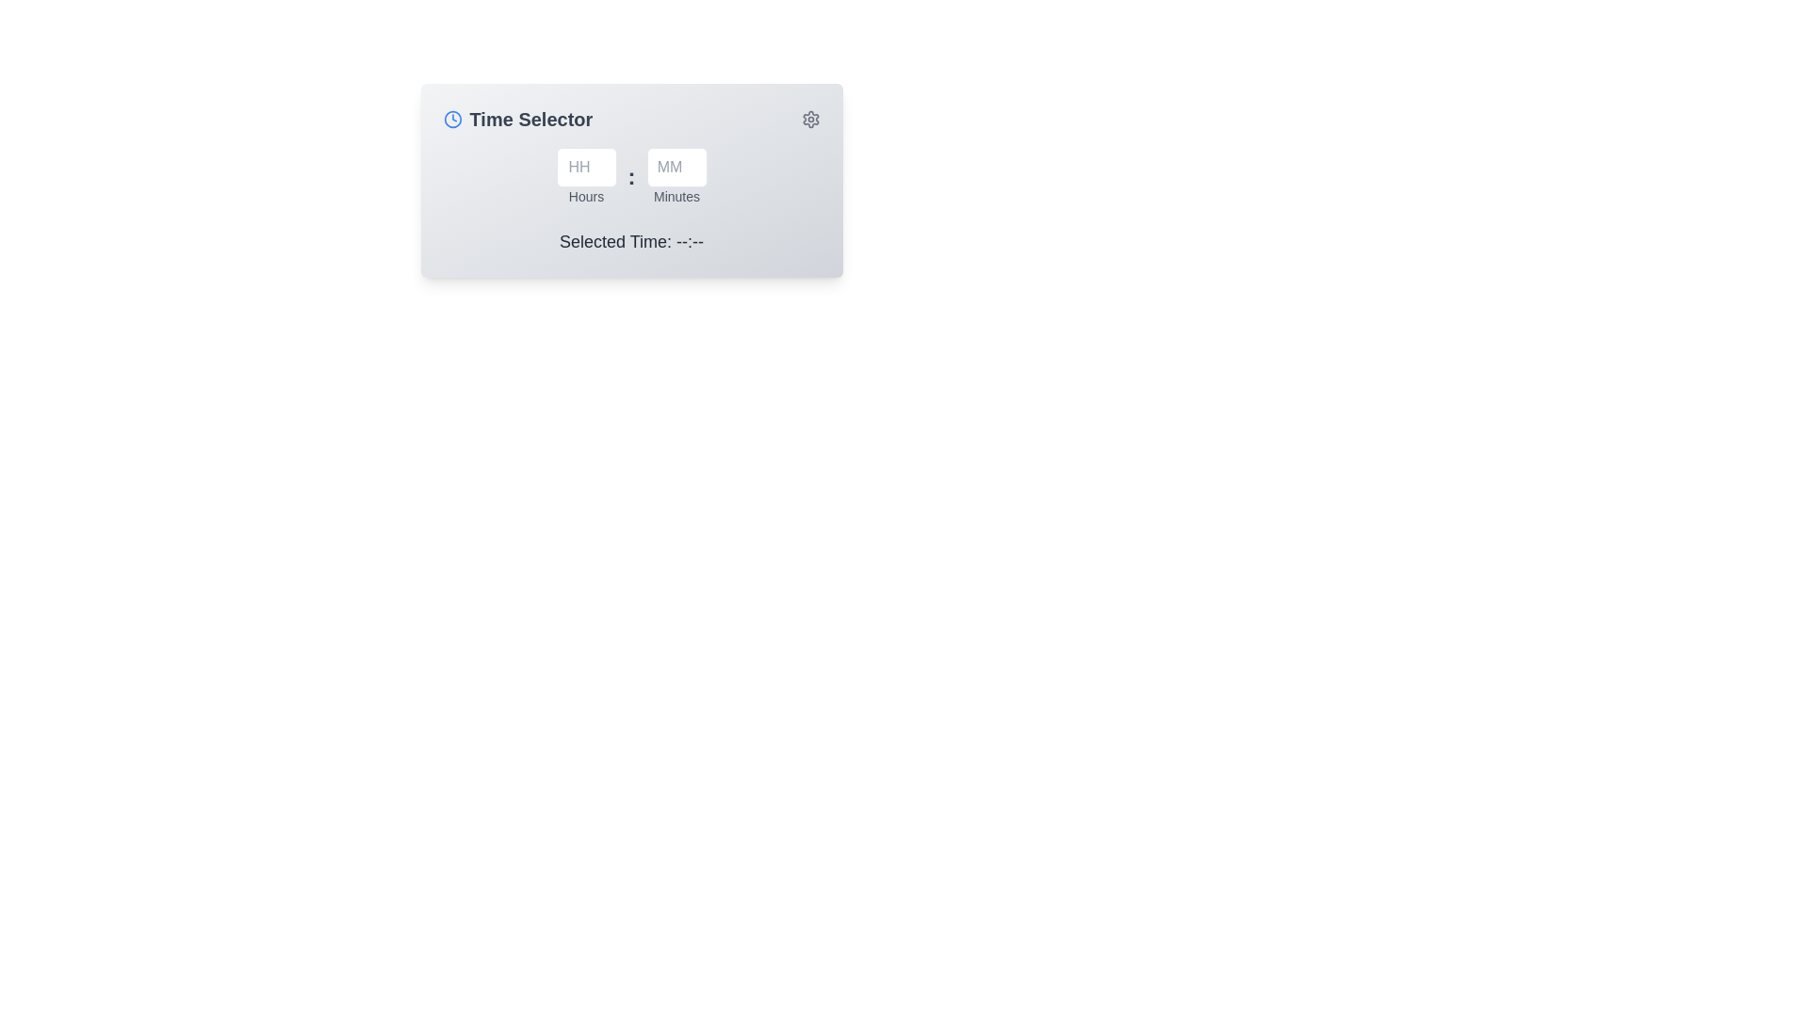  Describe the element at coordinates (631, 241) in the screenshot. I see `the Text display component that shows 'Selected Time: --:--' in a gray medium-sized font, which is located below the 'Hours' and 'Minutes' input fields in the 'Time Selector' panel` at that location.